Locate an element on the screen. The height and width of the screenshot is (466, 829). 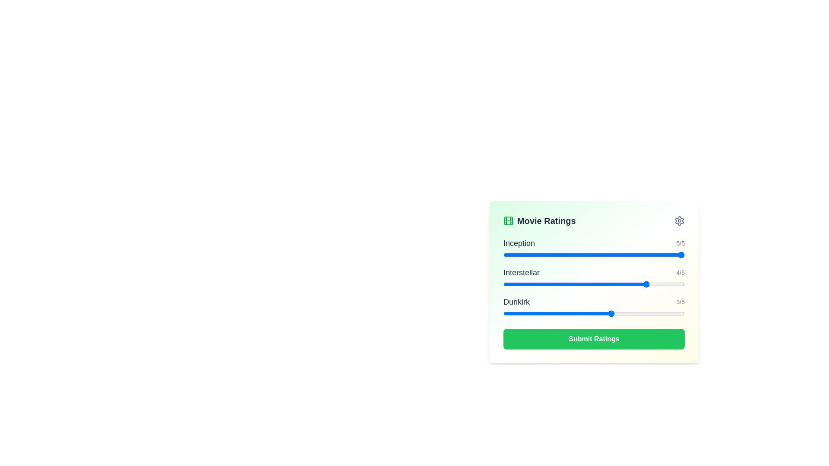
the static text label indicating the title 'Dunkirk' associated with the movie rating entry, located in the lower section of the panel under the 'Movie Ratings' heading is located at coordinates (516, 301).